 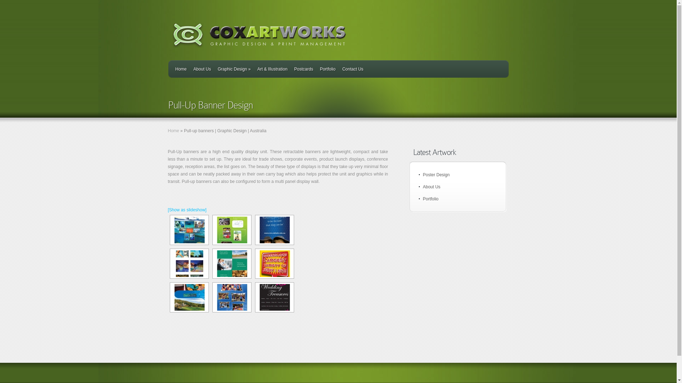 I want to click on 'Home', so click(x=175, y=69).